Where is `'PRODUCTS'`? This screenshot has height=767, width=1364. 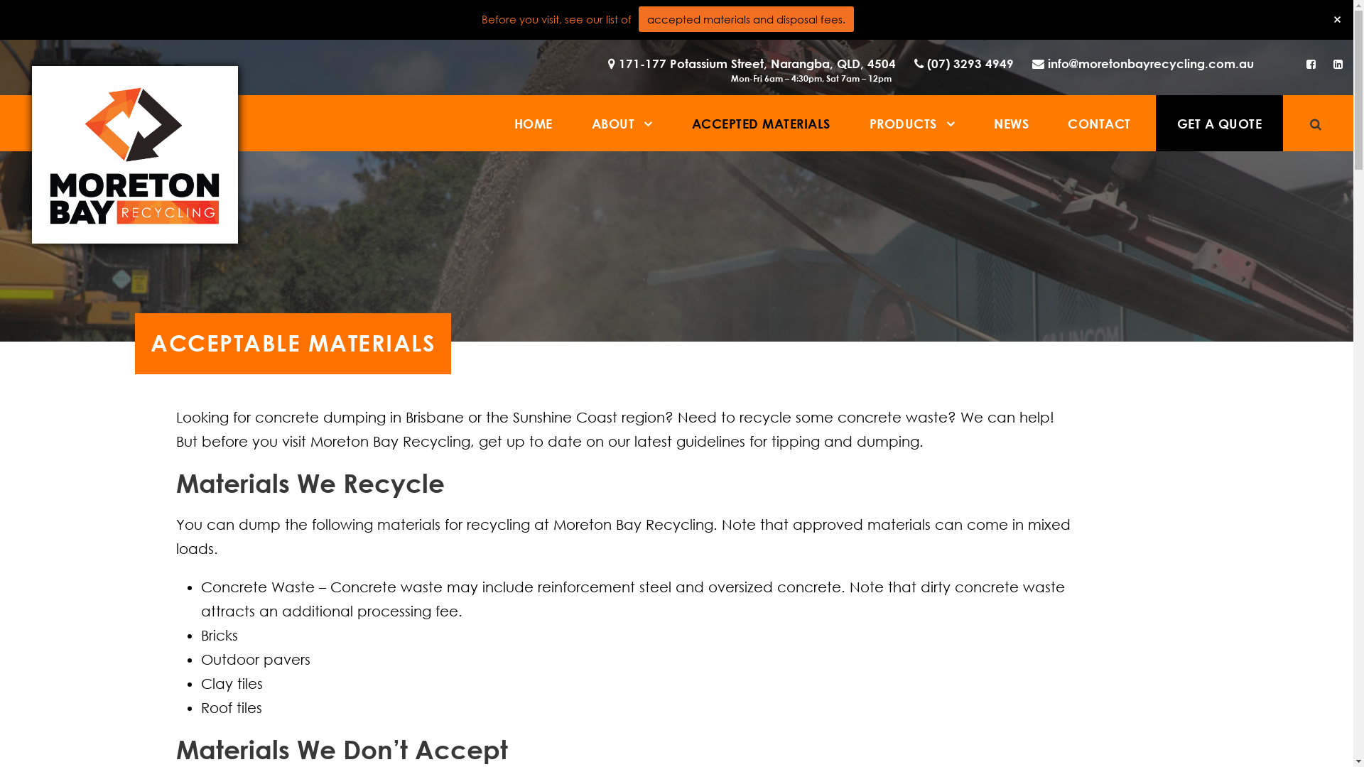 'PRODUCTS' is located at coordinates (869, 122).